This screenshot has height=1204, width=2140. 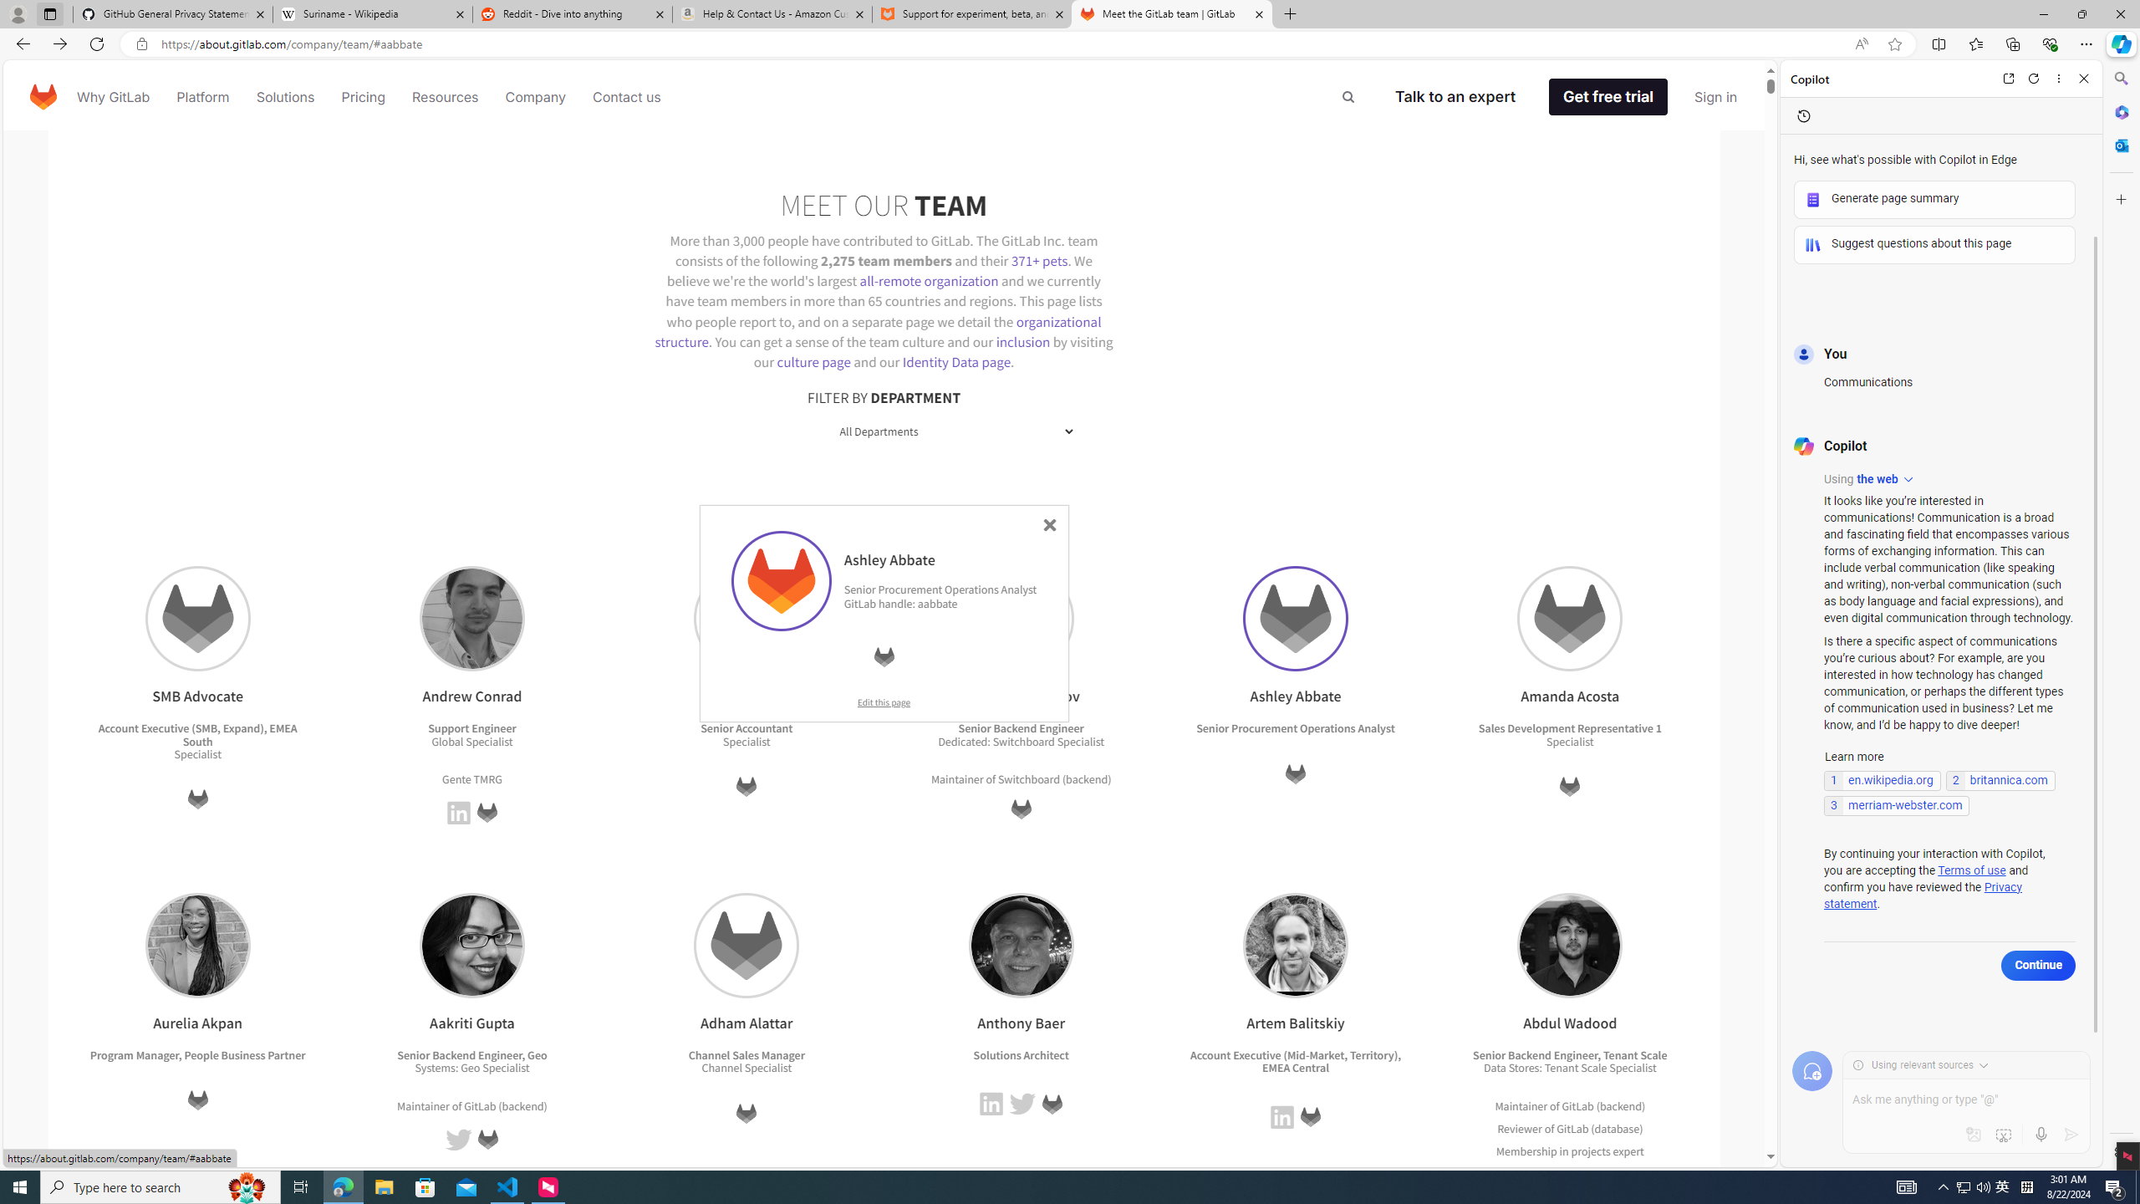 What do you see at coordinates (746, 944) in the screenshot?
I see `'Adham Alattar'` at bounding box center [746, 944].